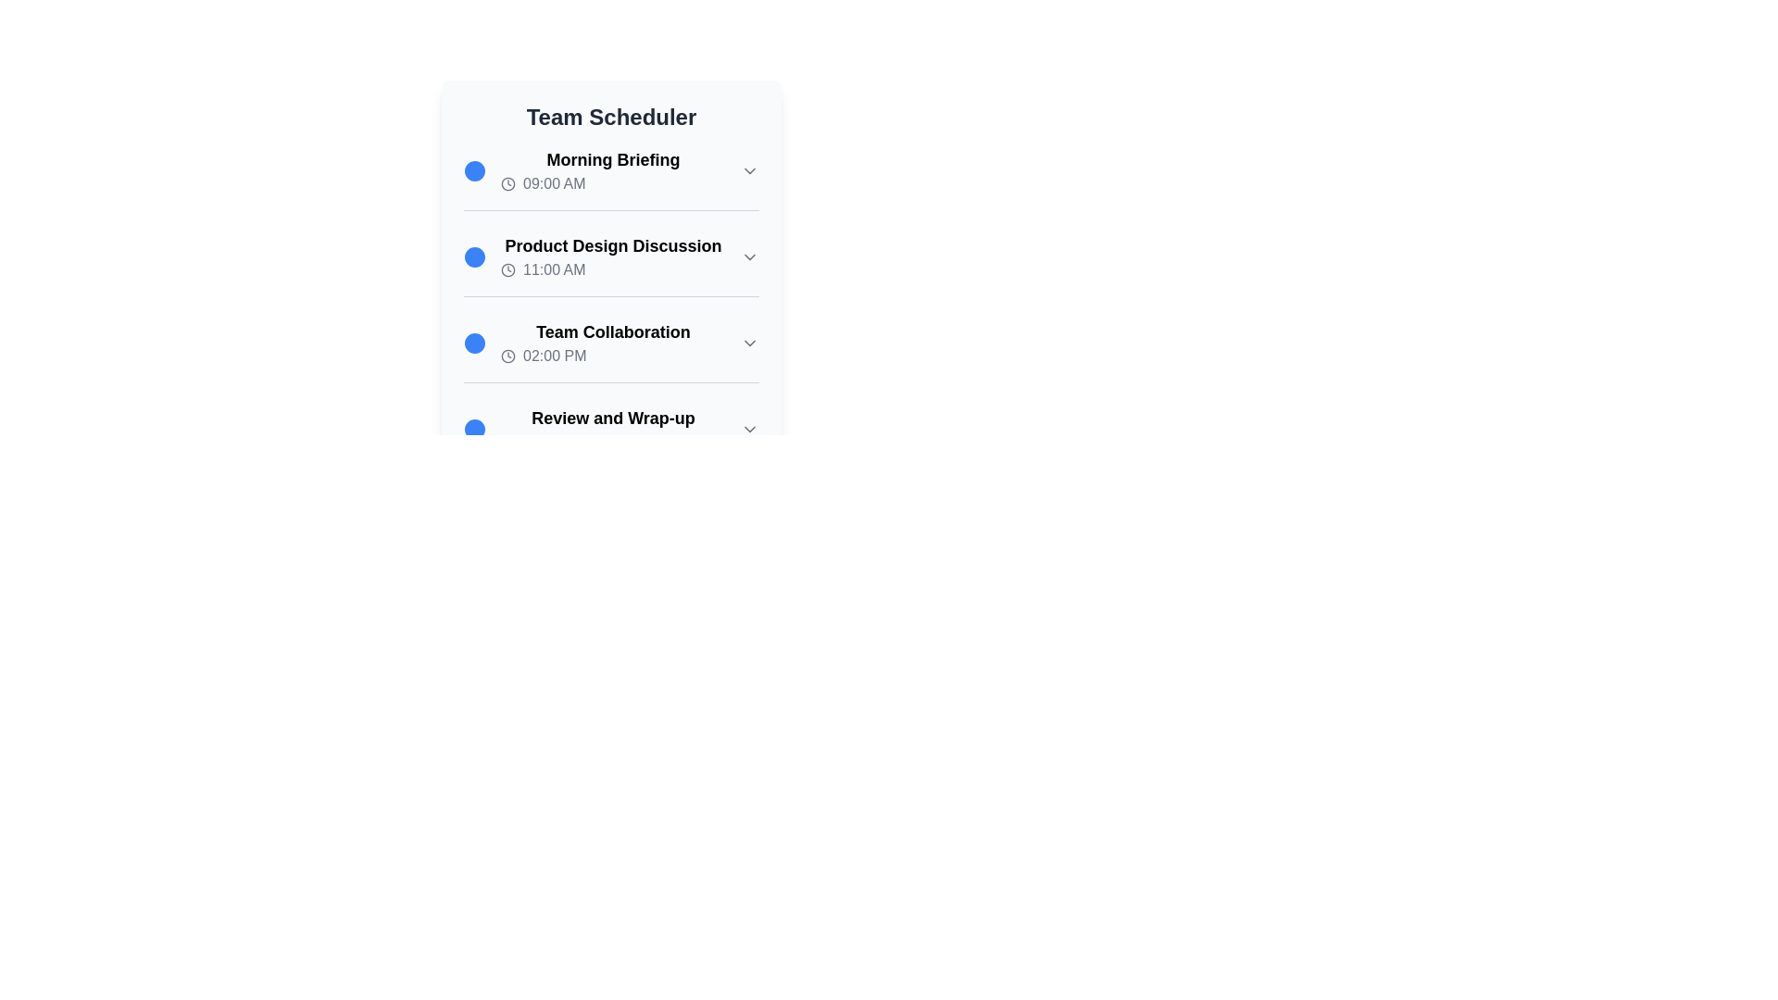 The height and width of the screenshot is (1000, 1778). I want to click on the Circular marker icon located in the 'Morning Briefing' list entry at 09:00 AM, so click(475, 171).